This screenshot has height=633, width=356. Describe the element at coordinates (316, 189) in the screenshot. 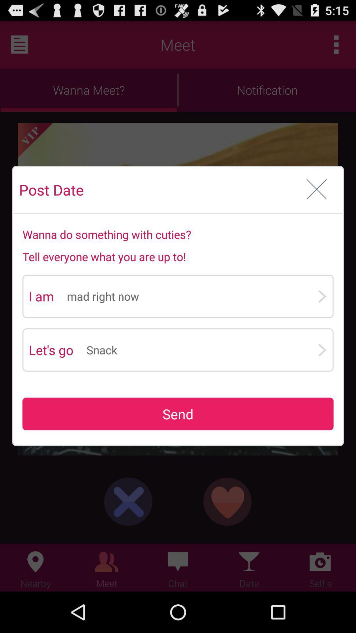

I see `app to the right of post date` at that location.